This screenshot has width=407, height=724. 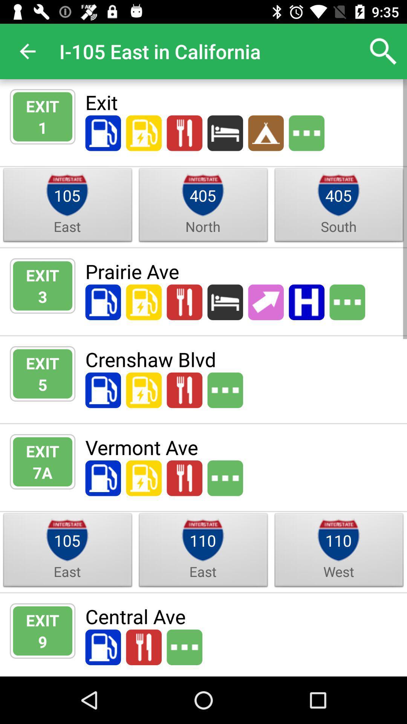 What do you see at coordinates (241, 271) in the screenshot?
I see `the icon to the right of the exit` at bounding box center [241, 271].